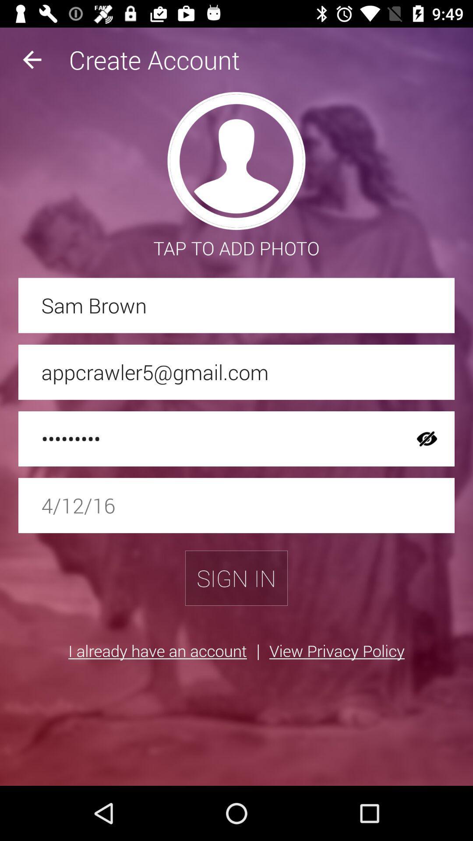  Describe the element at coordinates (32, 59) in the screenshot. I see `icon next to the create account item` at that location.